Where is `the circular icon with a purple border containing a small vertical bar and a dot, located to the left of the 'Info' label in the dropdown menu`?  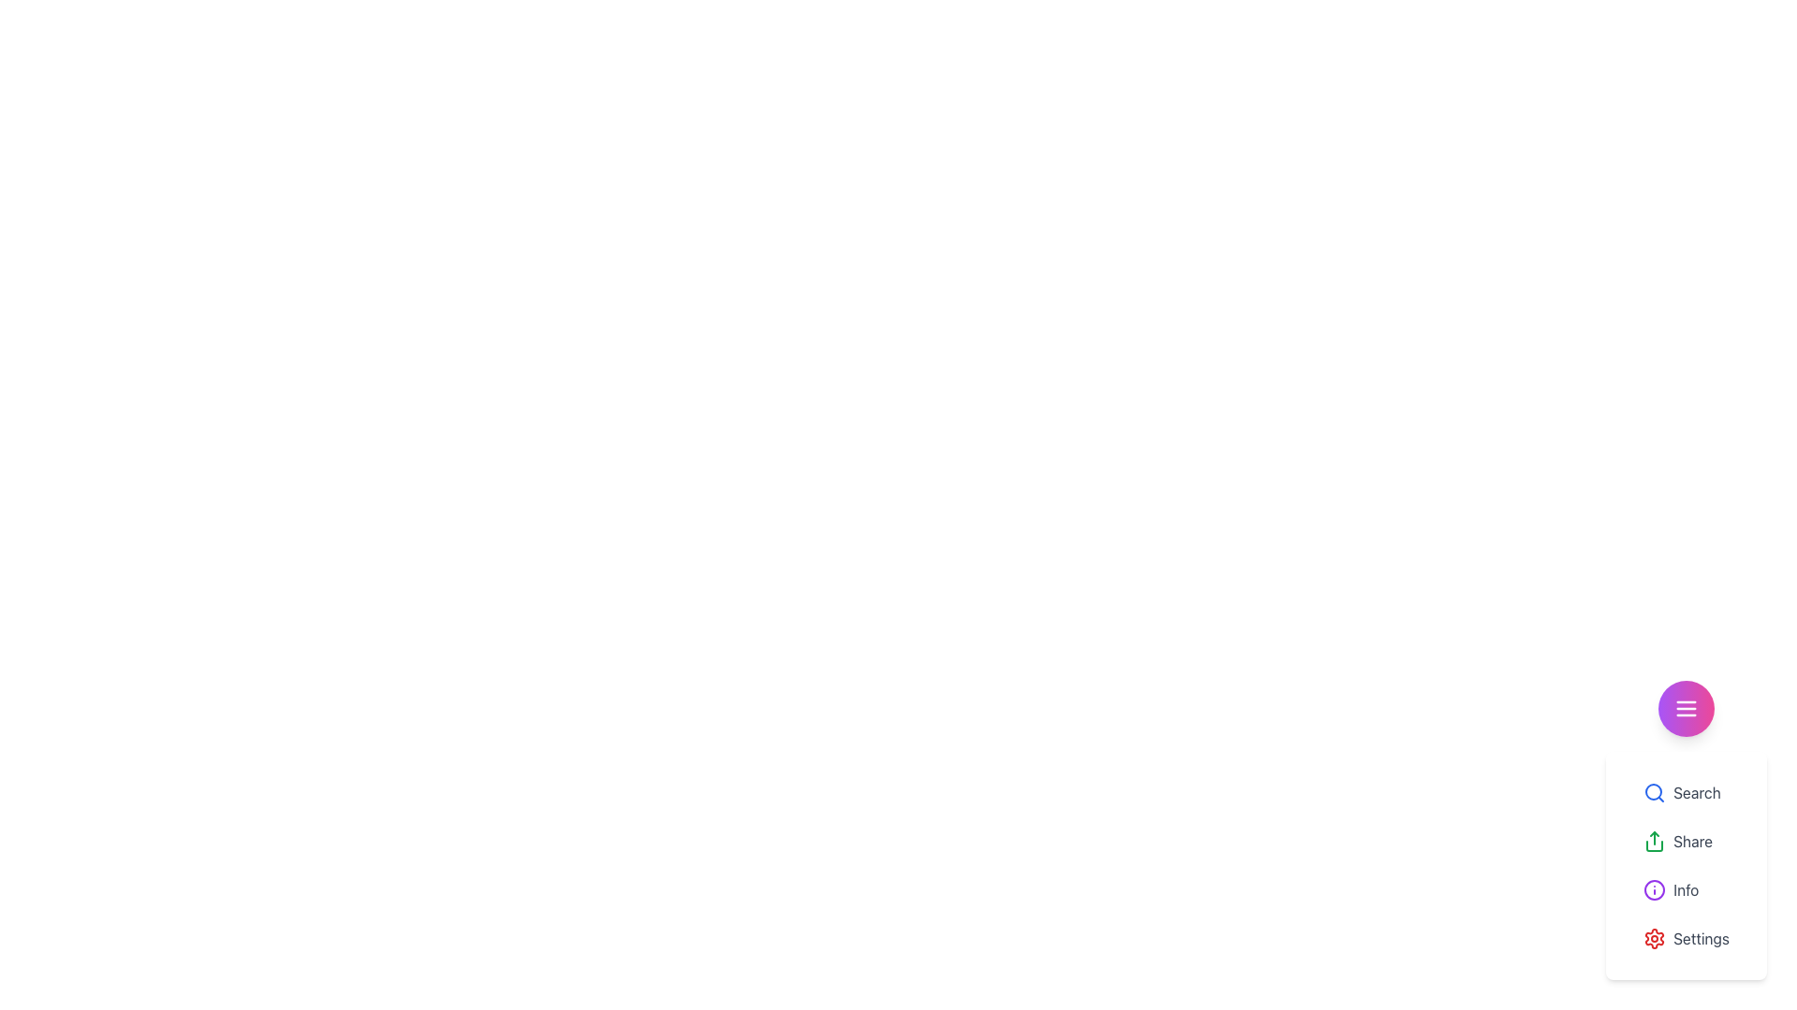 the circular icon with a purple border containing a small vertical bar and a dot, located to the left of the 'Info' label in the dropdown menu is located at coordinates (1655, 889).